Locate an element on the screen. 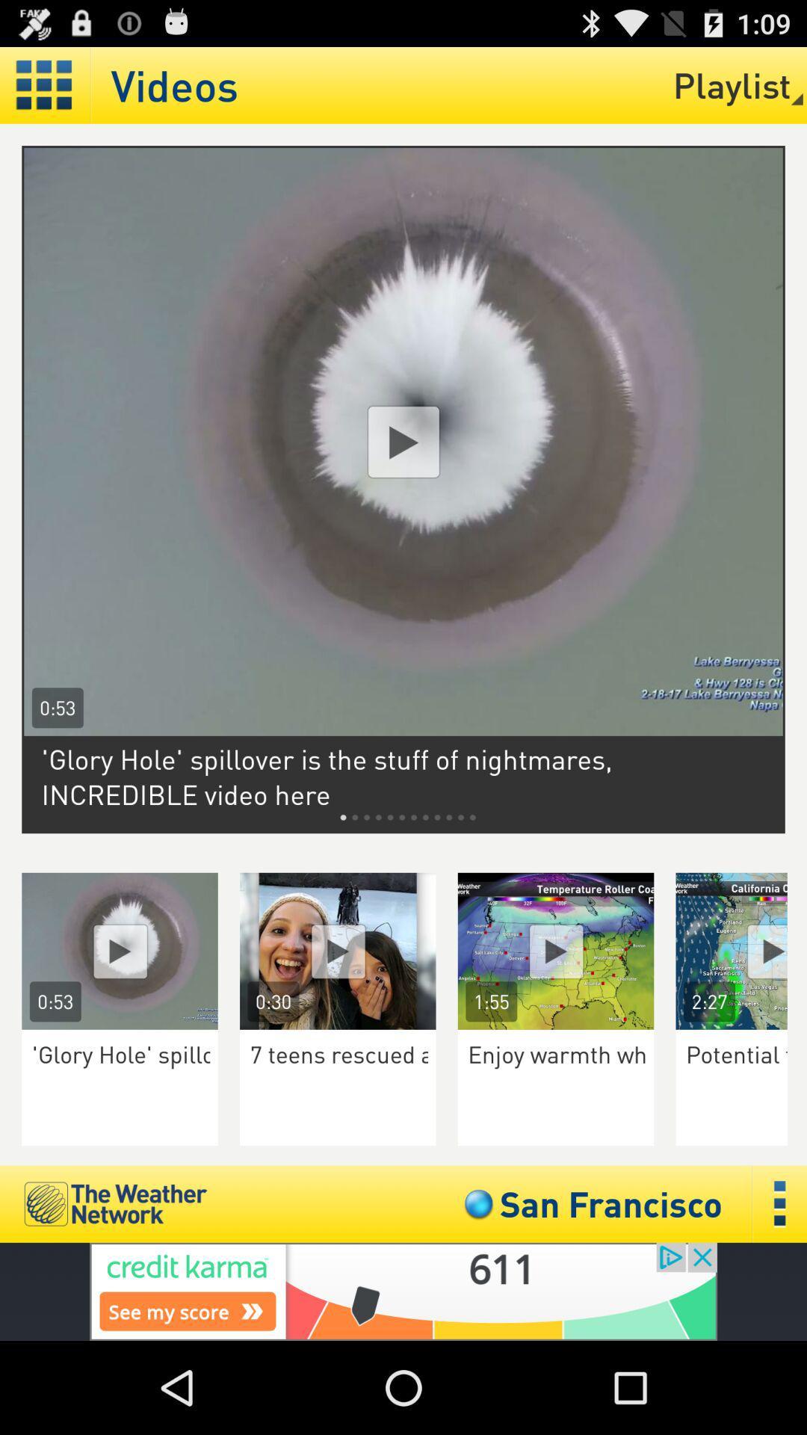 This screenshot has height=1435, width=807. you tube option is located at coordinates (119, 950).